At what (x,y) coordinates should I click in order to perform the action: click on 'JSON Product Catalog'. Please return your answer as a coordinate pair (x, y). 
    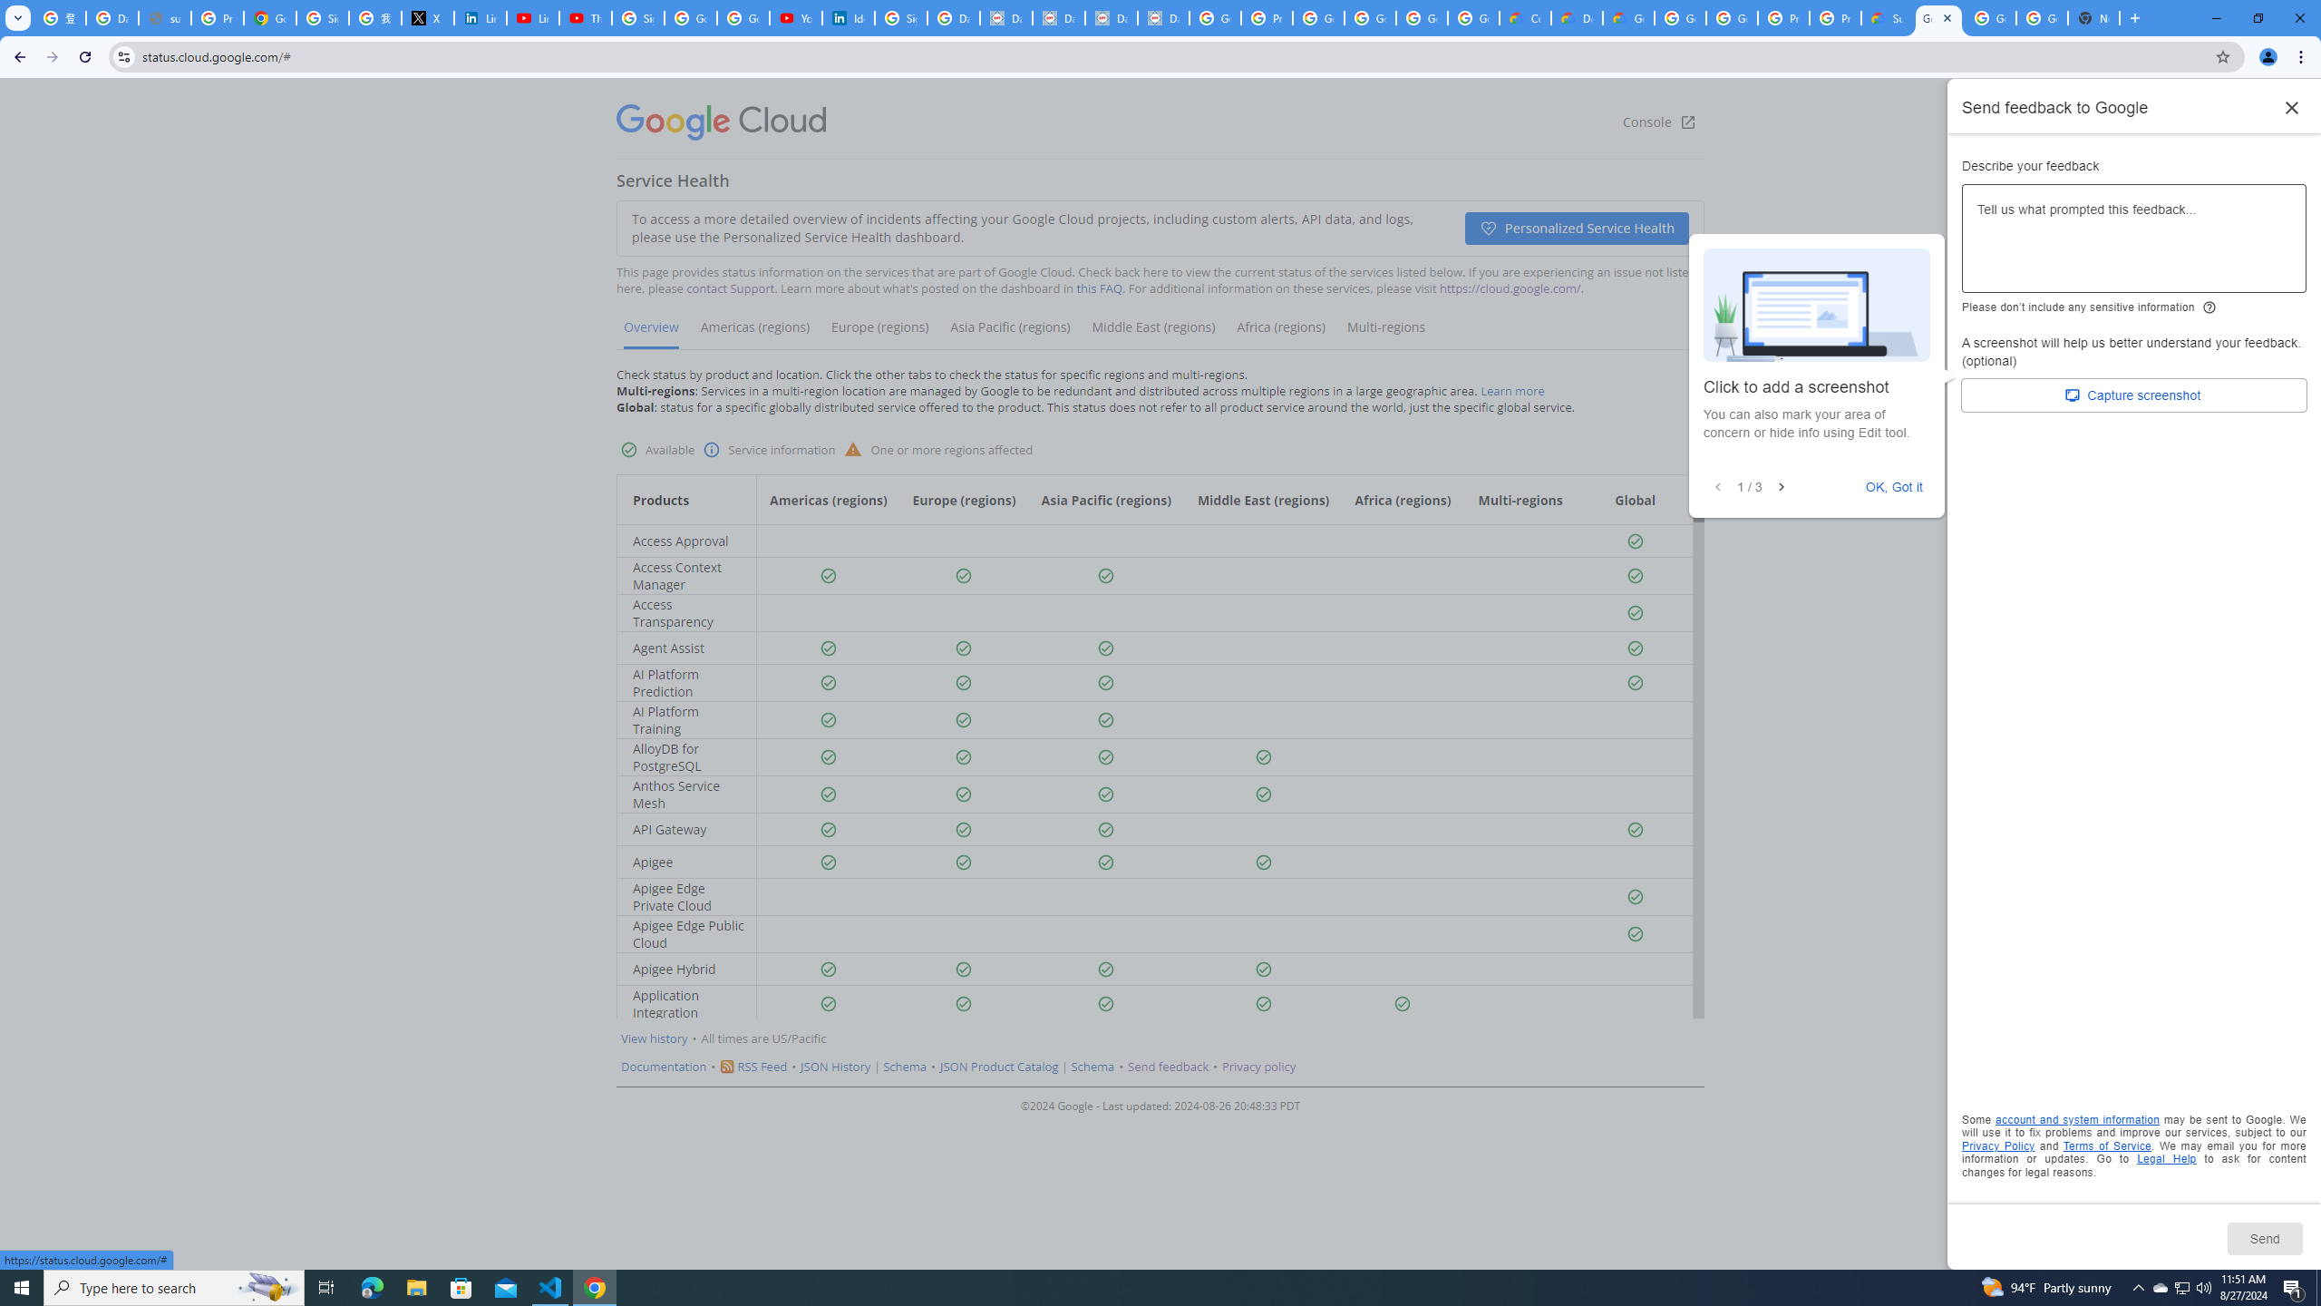
    Looking at the image, I should click on (998, 1066).